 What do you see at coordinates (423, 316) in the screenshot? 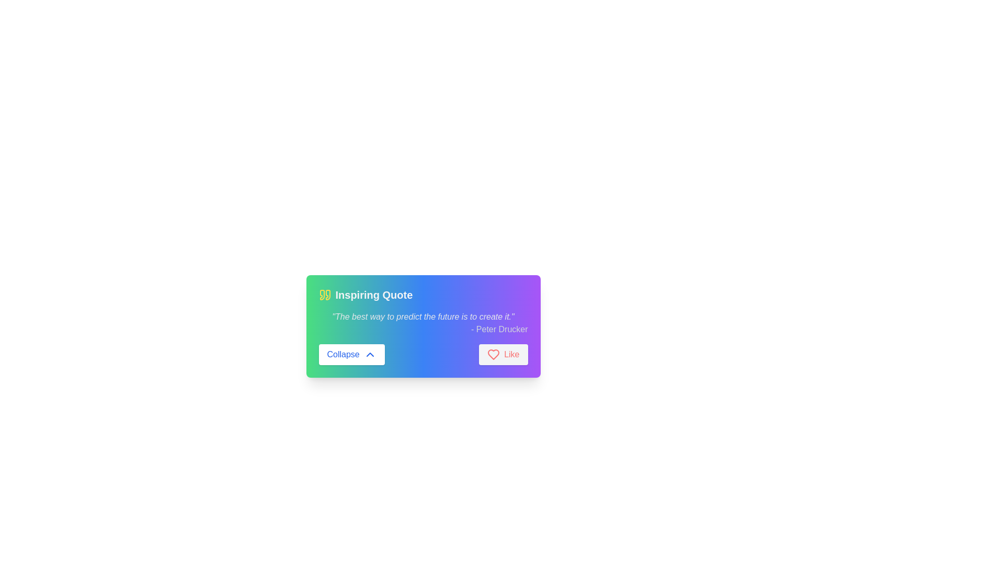
I see `the text label displaying the quote 'The best way to predict the future is to create it.' which is styled in italic and light gray, positioned at the top-middle of the card interface` at bounding box center [423, 316].